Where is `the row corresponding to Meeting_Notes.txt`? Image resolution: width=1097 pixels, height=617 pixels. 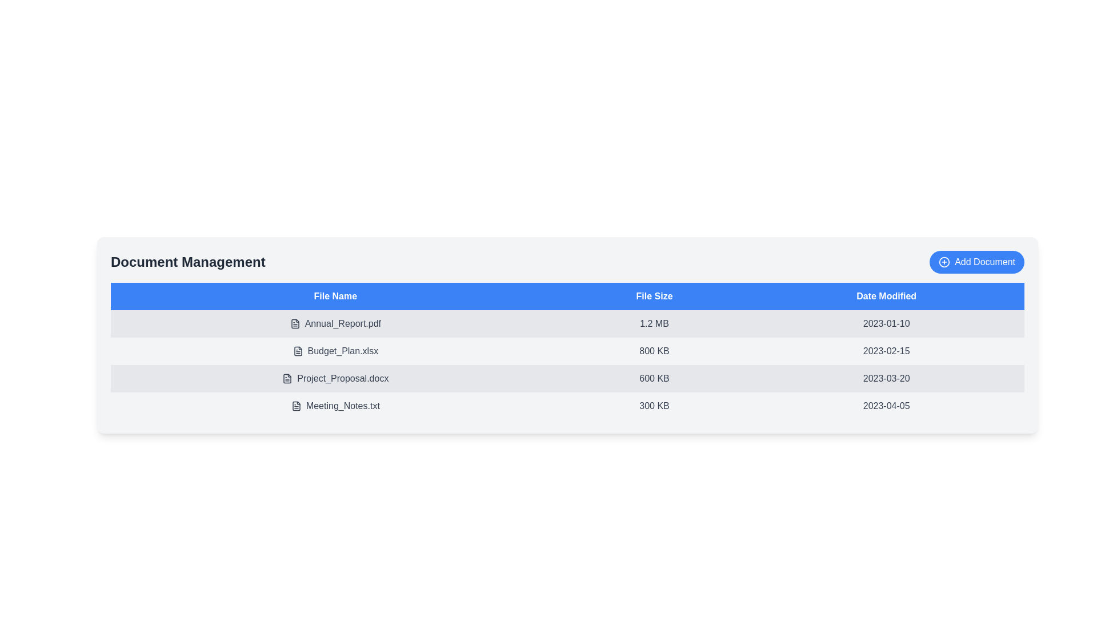
the row corresponding to Meeting_Notes.txt is located at coordinates (334, 405).